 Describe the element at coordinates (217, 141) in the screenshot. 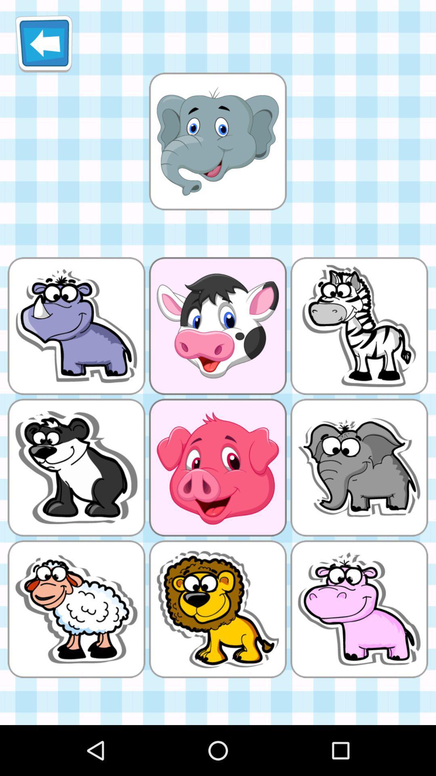

I see `choosen animal` at that location.